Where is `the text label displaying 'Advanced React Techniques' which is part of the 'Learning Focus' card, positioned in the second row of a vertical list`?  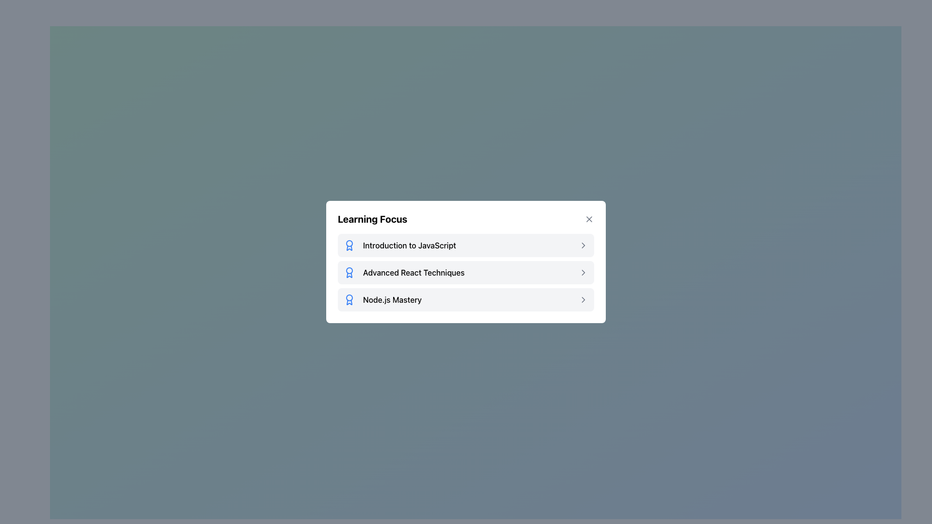
the text label displaying 'Advanced React Techniques' which is part of the 'Learning Focus' card, positioned in the second row of a vertical list is located at coordinates (414, 273).